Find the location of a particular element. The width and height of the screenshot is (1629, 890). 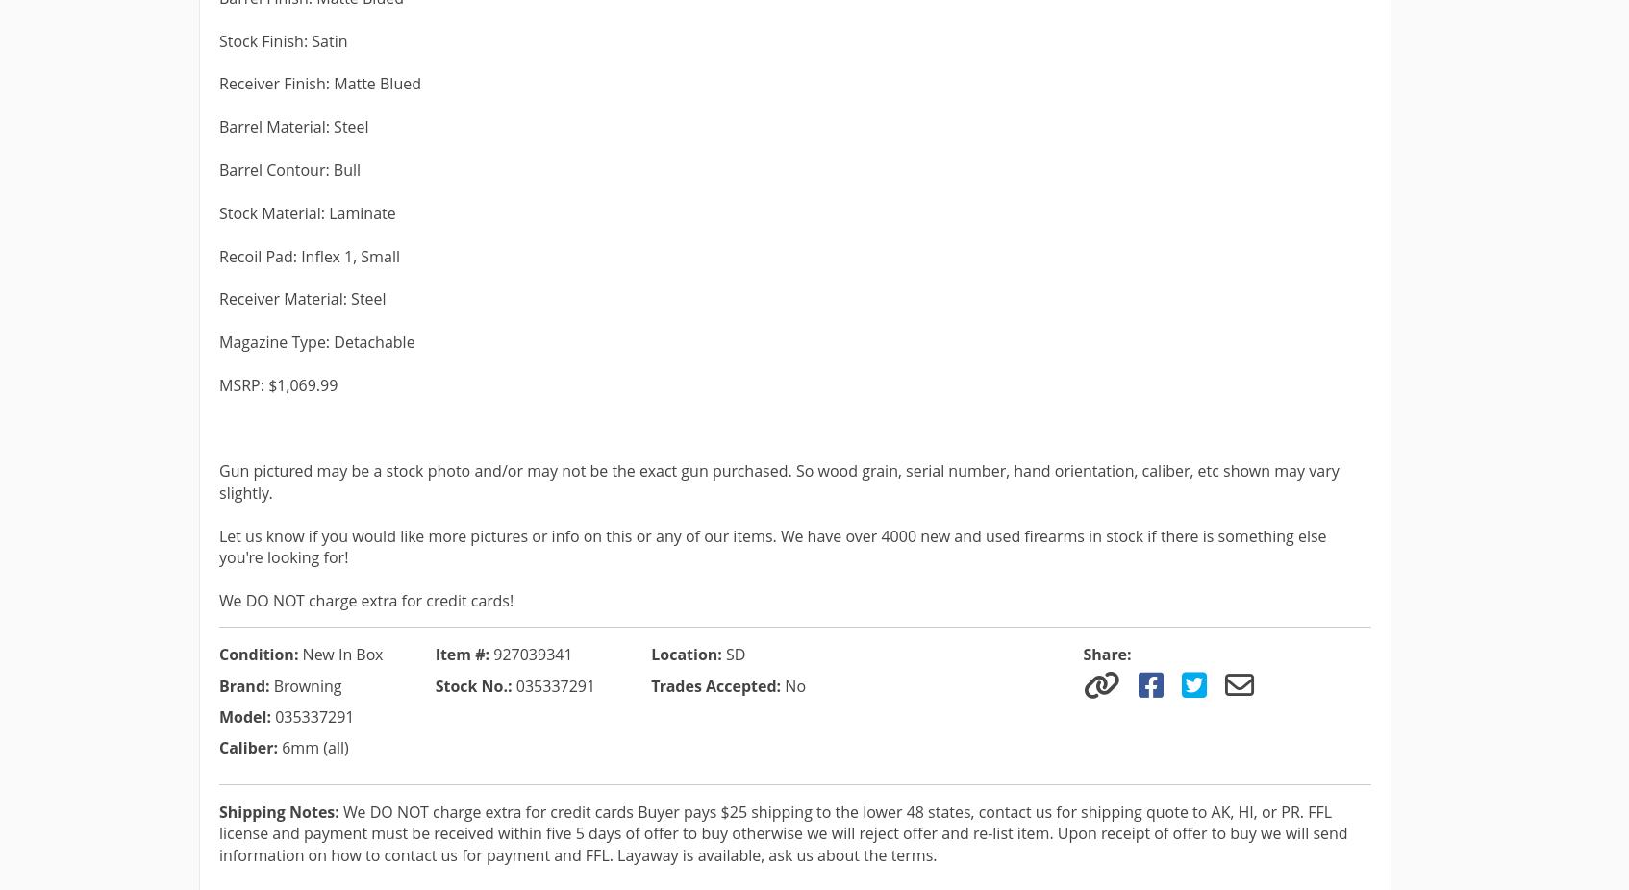

'Receiver Finish: Matte Blued' is located at coordinates (320, 83).